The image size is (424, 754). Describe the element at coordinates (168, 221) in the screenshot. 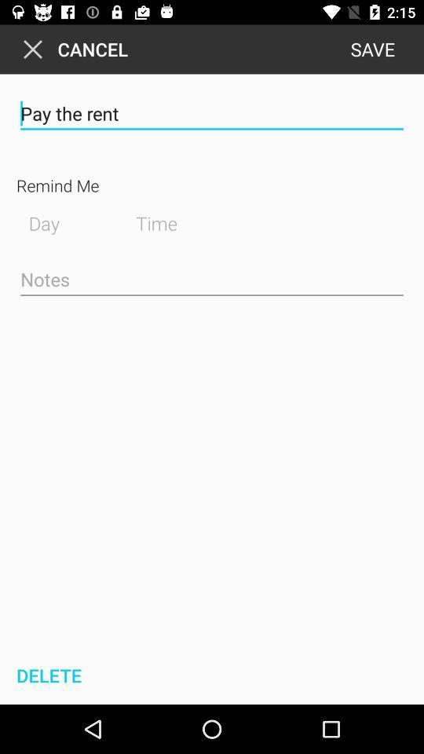

I see `item to the right of day` at that location.